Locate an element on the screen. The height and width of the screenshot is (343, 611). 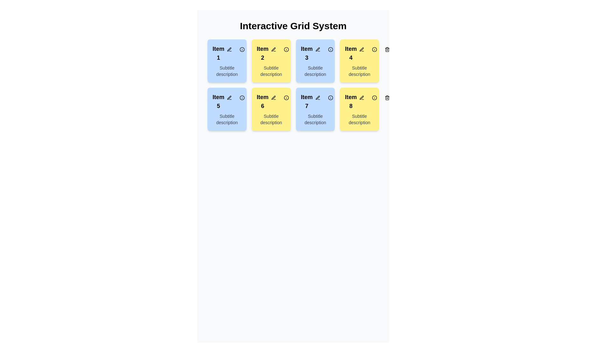
the trash bin icon located within the circular button at the top-right of the interface, adjacent to the card labeled 'Item 4' is located at coordinates (387, 49).